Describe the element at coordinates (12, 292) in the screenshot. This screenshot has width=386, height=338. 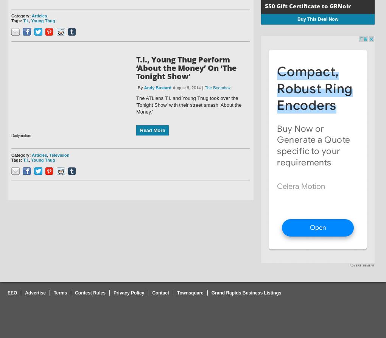
I see `'EEO'` at that location.